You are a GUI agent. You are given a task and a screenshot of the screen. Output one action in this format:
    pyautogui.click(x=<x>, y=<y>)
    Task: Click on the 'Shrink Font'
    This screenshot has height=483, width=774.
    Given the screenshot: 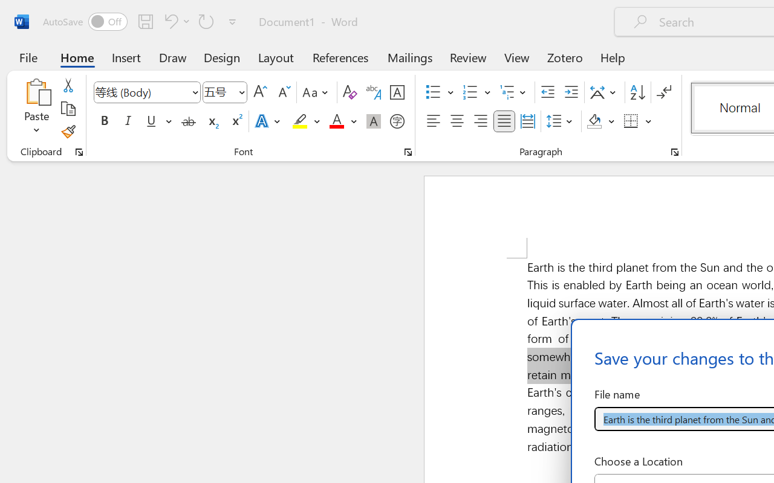 What is the action you would take?
    pyautogui.click(x=282, y=92)
    